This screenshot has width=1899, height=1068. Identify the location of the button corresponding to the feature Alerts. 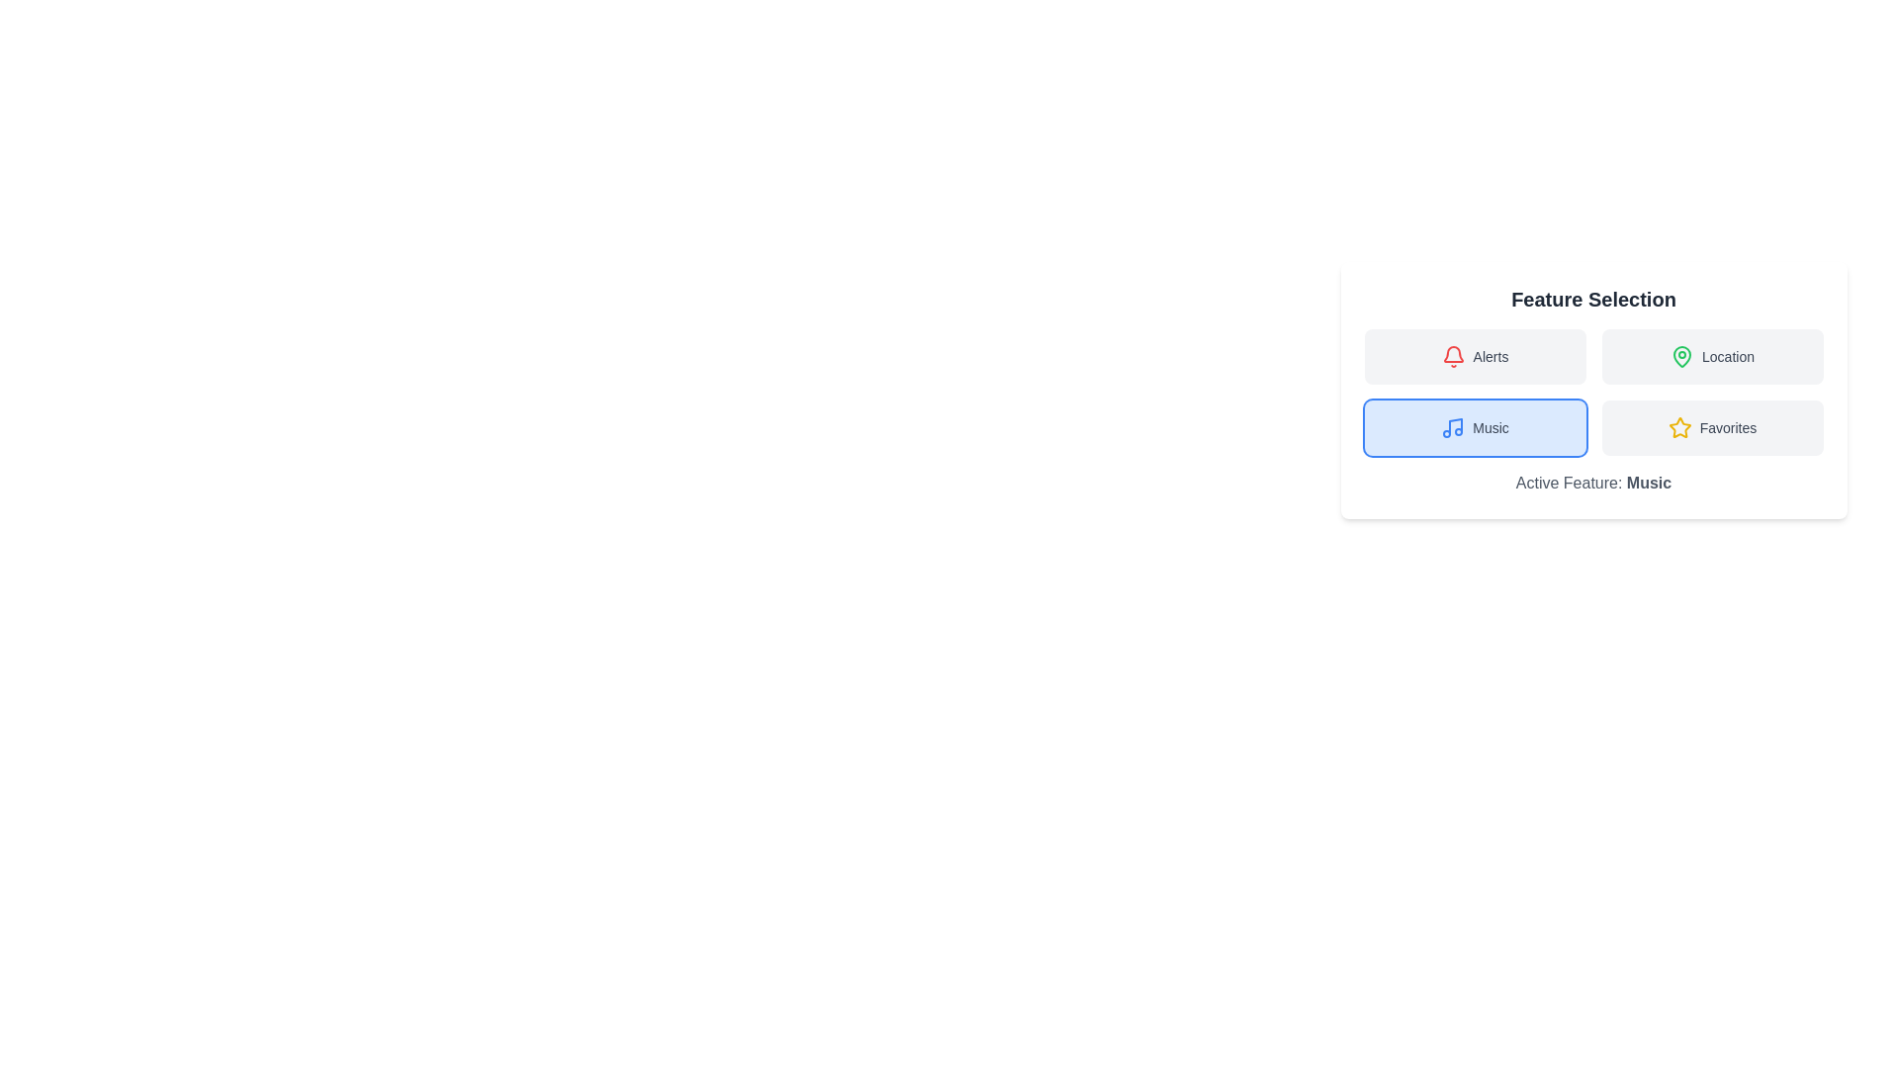
(1475, 357).